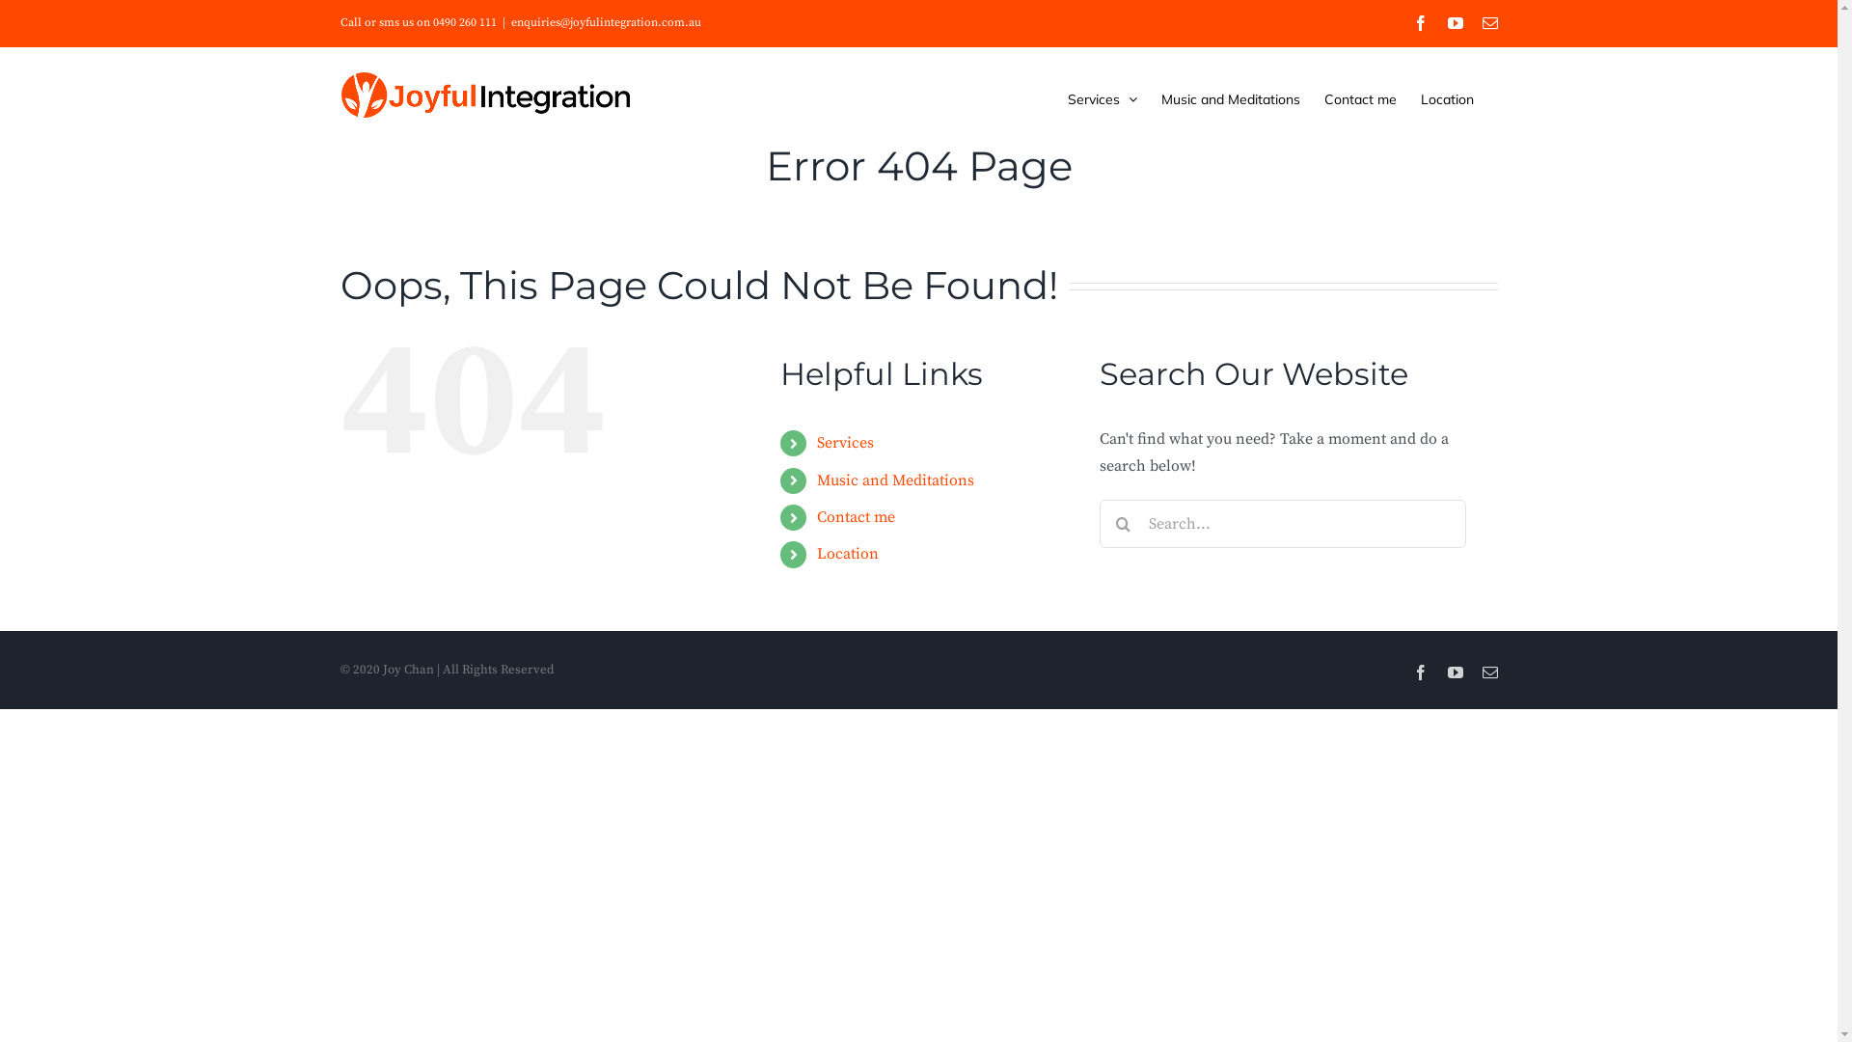  Describe the element at coordinates (1102, 98) in the screenshot. I see `'Services'` at that location.